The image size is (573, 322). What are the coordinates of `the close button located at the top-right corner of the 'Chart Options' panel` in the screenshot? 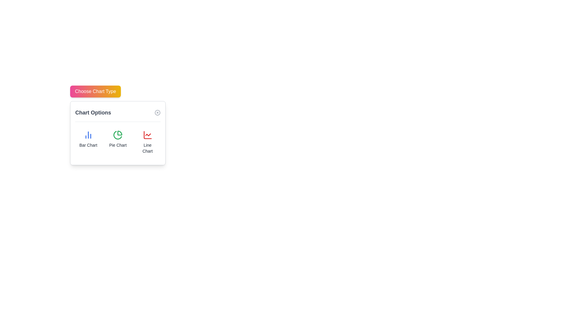 It's located at (158, 113).